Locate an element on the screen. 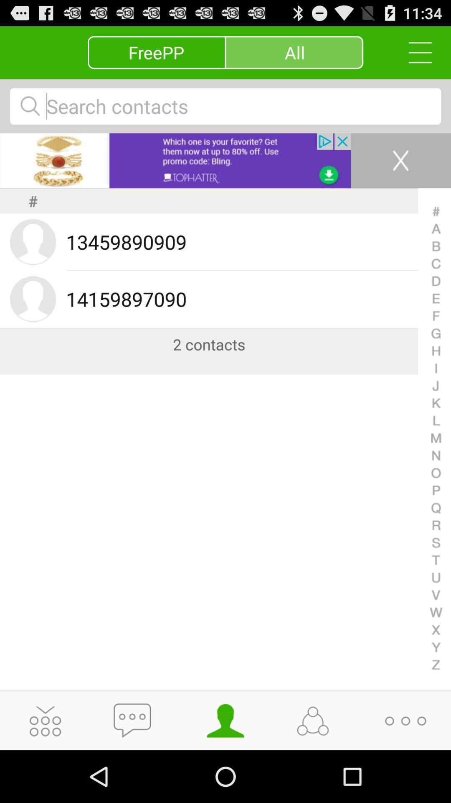 Image resolution: width=451 pixels, height=803 pixels. the avatar icon is located at coordinates (225, 770).